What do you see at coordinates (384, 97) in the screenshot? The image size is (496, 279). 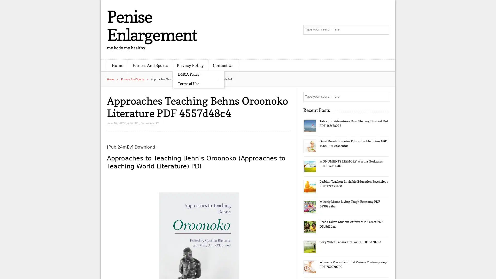 I see `Search` at bounding box center [384, 97].